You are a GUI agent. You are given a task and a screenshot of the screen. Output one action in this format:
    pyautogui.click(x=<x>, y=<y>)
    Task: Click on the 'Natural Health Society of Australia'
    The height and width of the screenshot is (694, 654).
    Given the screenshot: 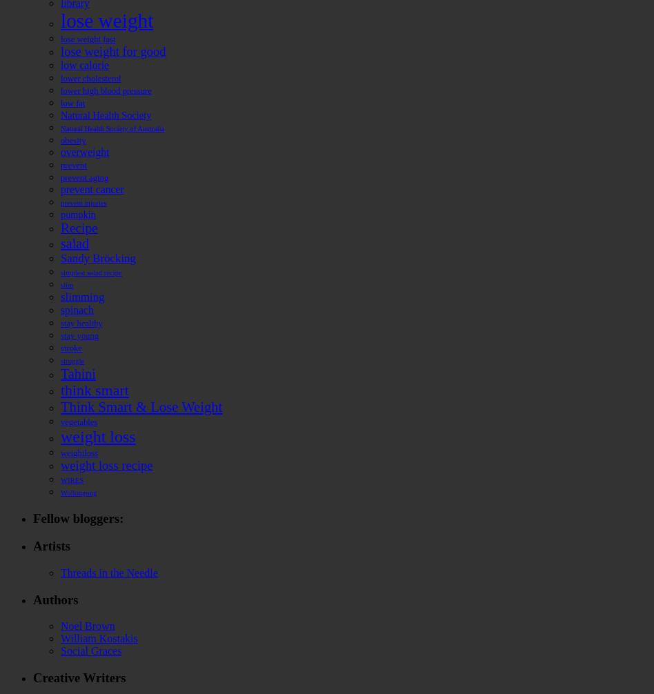 What is the action you would take?
    pyautogui.click(x=111, y=128)
    